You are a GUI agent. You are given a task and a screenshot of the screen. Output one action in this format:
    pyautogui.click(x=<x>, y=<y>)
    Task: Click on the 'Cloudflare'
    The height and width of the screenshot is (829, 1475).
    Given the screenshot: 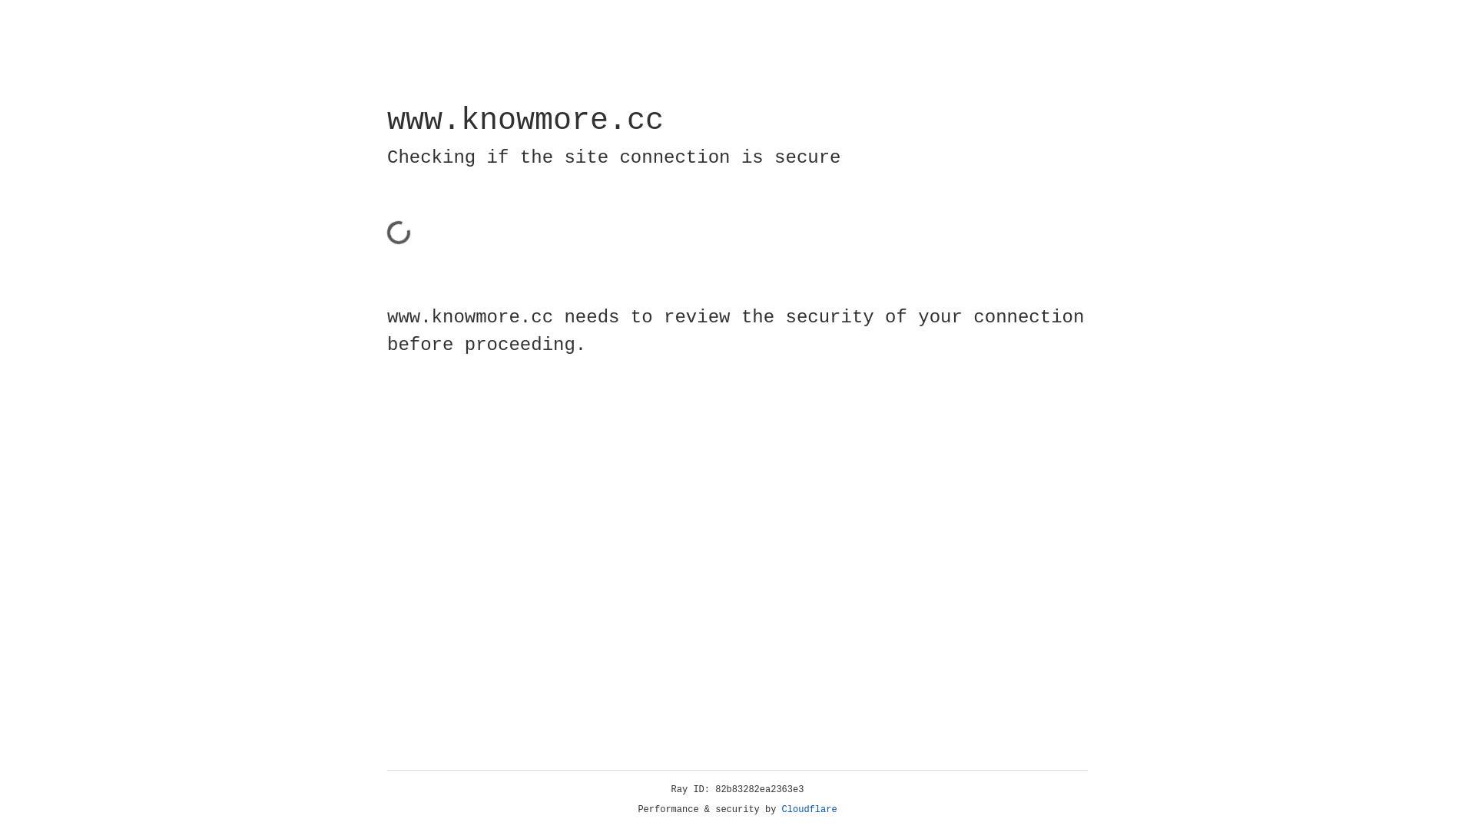 What is the action you would take?
    pyautogui.click(x=781, y=809)
    